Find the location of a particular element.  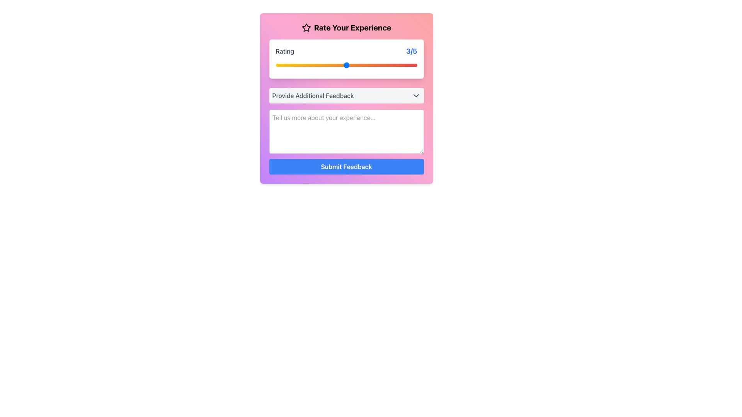

rating slider is located at coordinates (346, 65).